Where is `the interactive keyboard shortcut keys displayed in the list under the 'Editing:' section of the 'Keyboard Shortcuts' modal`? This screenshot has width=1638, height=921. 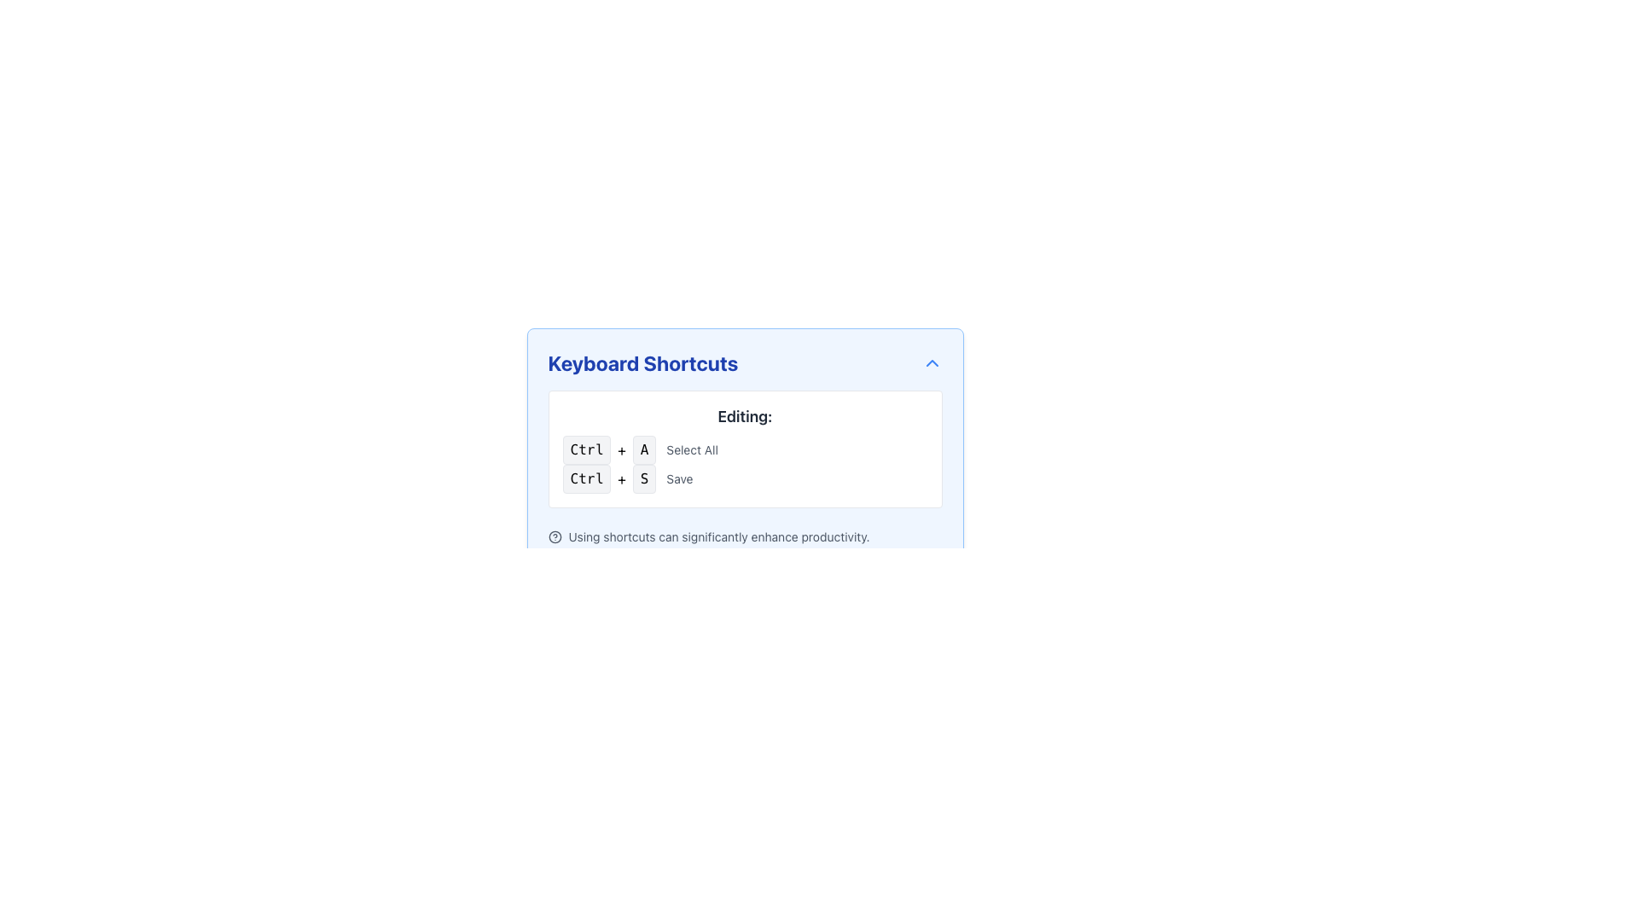 the interactive keyboard shortcut keys displayed in the list under the 'Editing:' section of the 'Keyboard Shortcuts' modal is located at coordinates (745, 464).